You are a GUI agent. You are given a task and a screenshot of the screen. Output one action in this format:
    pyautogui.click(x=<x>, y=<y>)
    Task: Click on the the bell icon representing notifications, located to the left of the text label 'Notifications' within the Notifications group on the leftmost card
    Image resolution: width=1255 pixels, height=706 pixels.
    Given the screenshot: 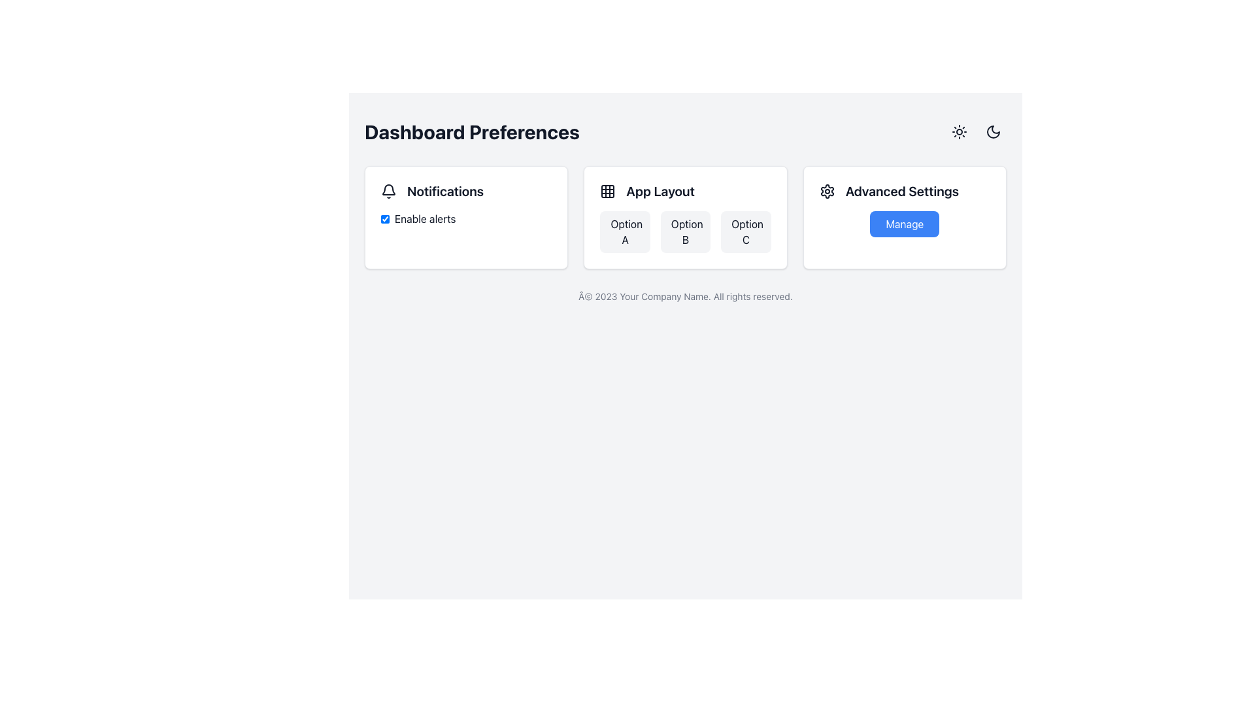 What is the action you would take?
    pyautogui.click(x=388, y=192)
    